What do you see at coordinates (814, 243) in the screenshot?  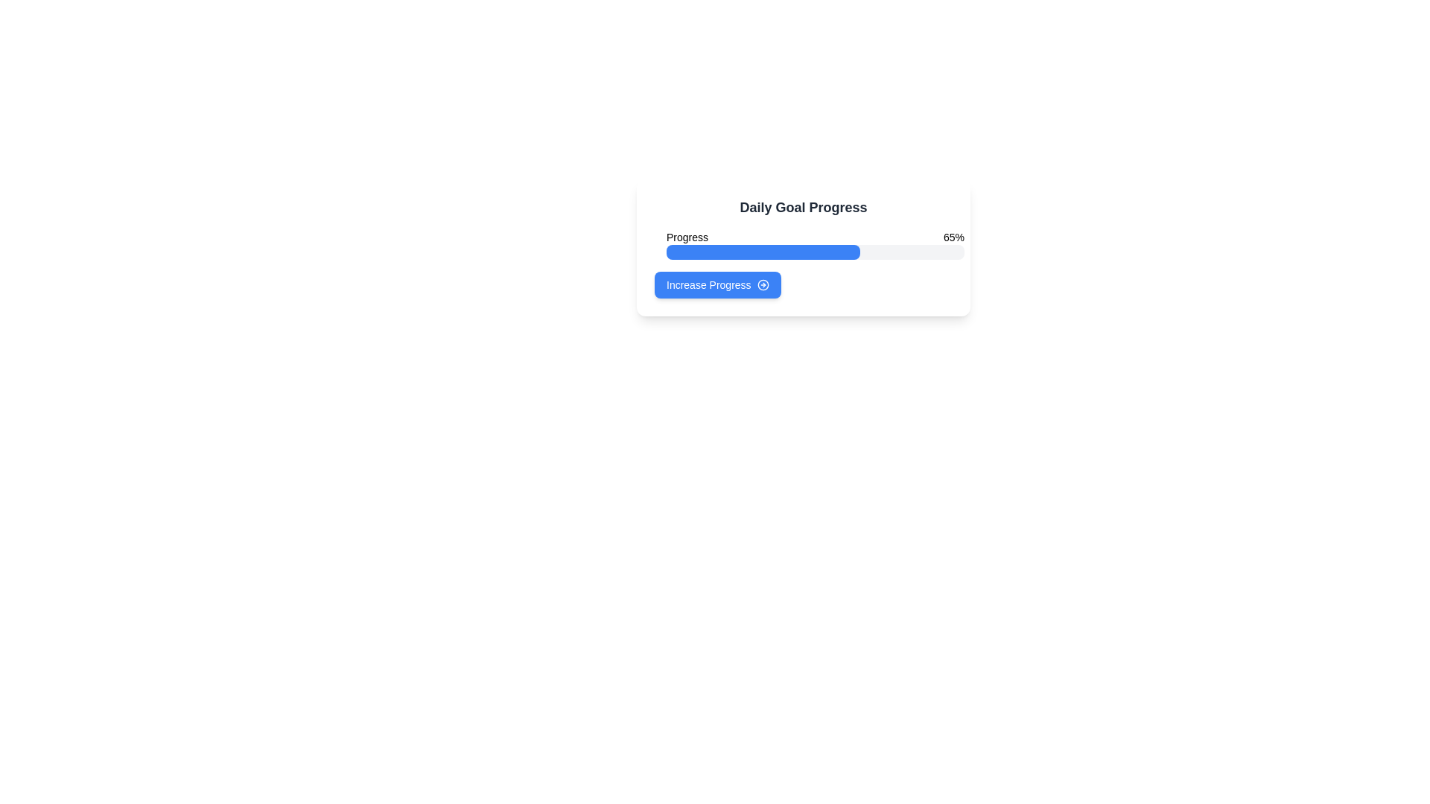 I see `the progress bar indicating 65% completion, located under the 'Daily Goal Progress' heading, above the 'Increase Progress' button` at bounding box center [814, 243].